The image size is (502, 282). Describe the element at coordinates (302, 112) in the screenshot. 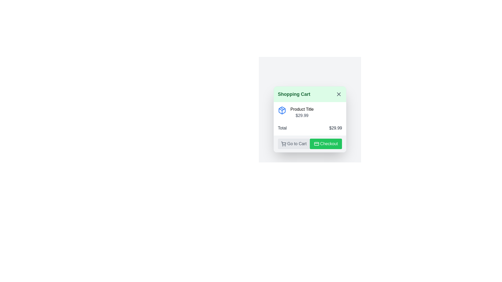

I see `the Text Display element that presents the name and price of a product in the shopping cart interface, located to the right of a blue product icon and above the total price information` at that location.